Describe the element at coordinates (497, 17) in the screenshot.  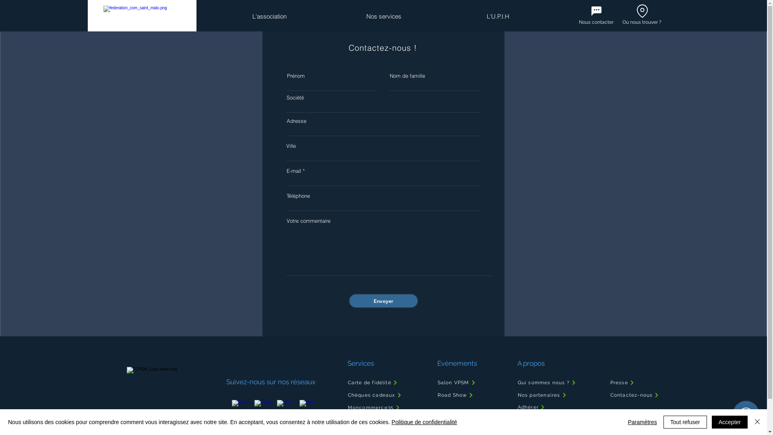
I see `'L'U.P.I.H'` at that location.